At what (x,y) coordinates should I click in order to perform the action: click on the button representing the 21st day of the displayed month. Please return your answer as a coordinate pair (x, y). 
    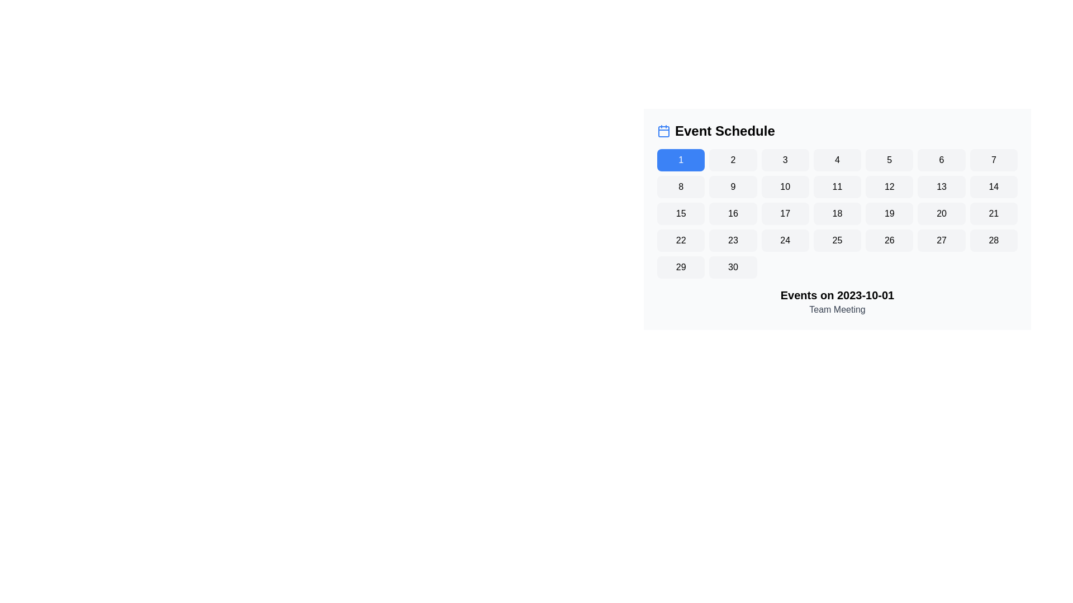
    Looking at the image, I should click on (993, 213).